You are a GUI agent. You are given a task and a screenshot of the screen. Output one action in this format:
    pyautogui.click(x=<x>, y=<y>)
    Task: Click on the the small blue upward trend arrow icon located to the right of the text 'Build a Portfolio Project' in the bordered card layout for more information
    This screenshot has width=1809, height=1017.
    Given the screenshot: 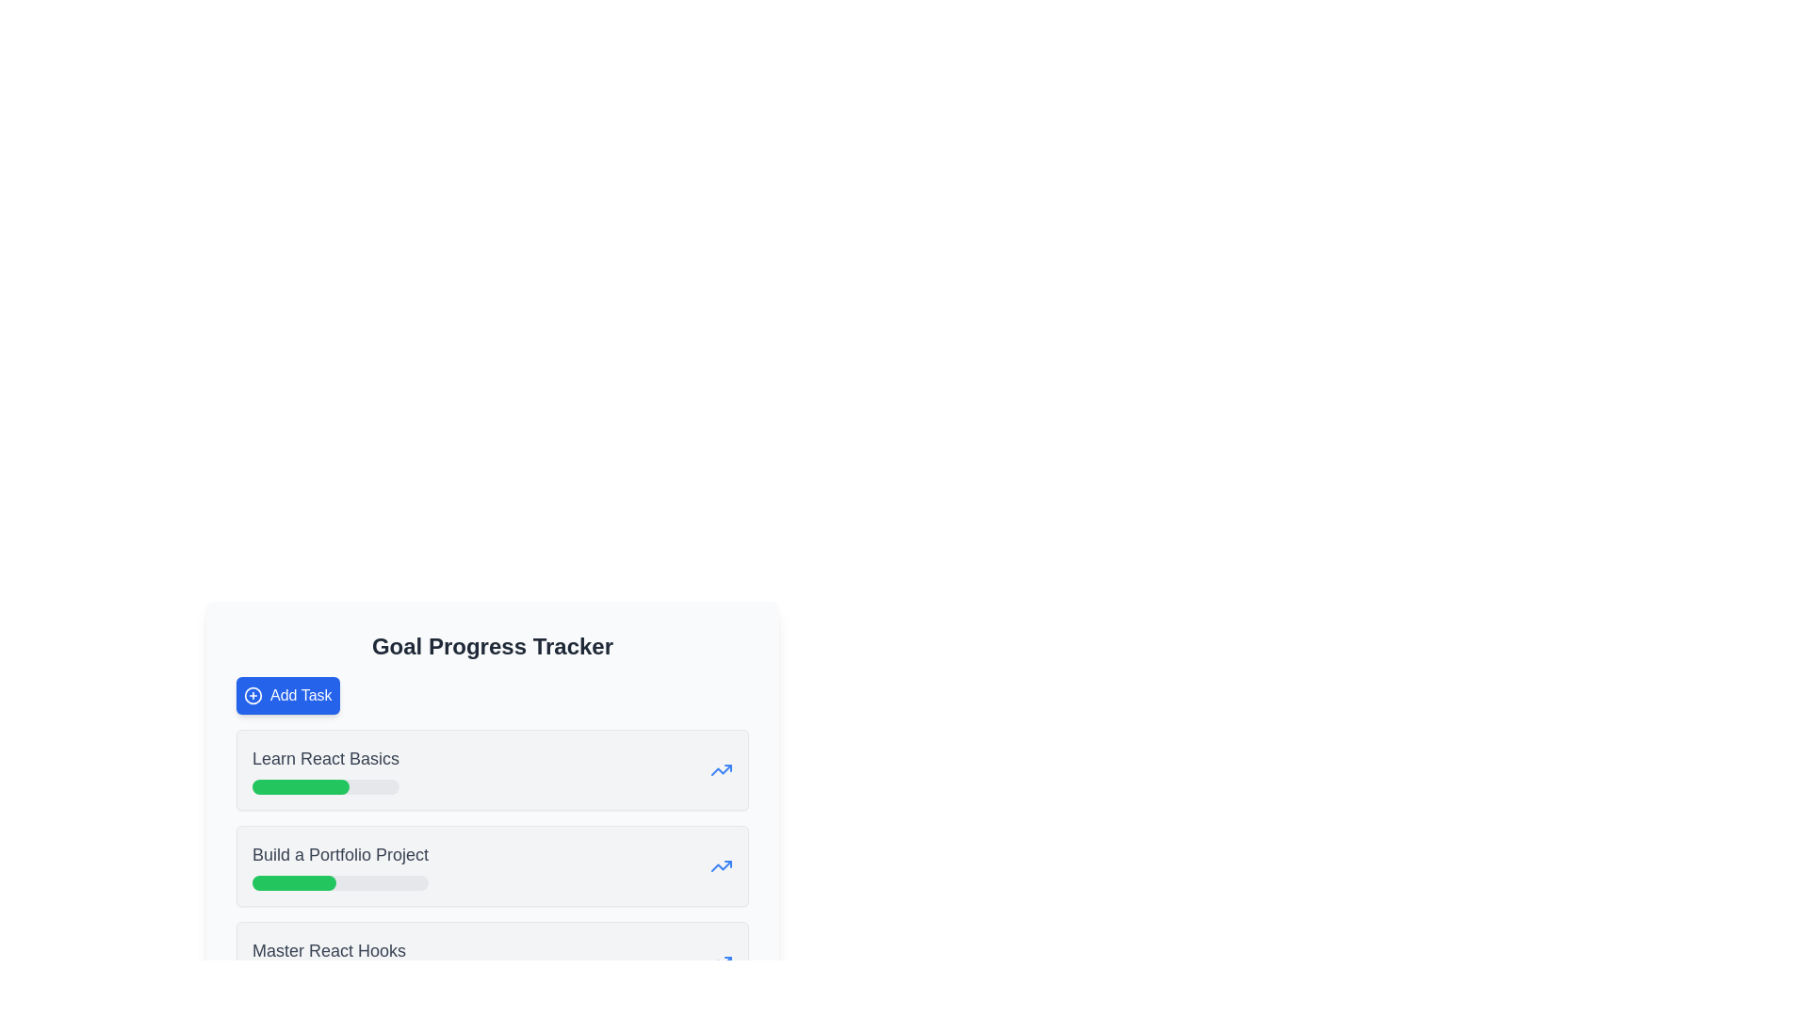 What is the action you would take?
    pyautogui.click(x=721, y=866)
    